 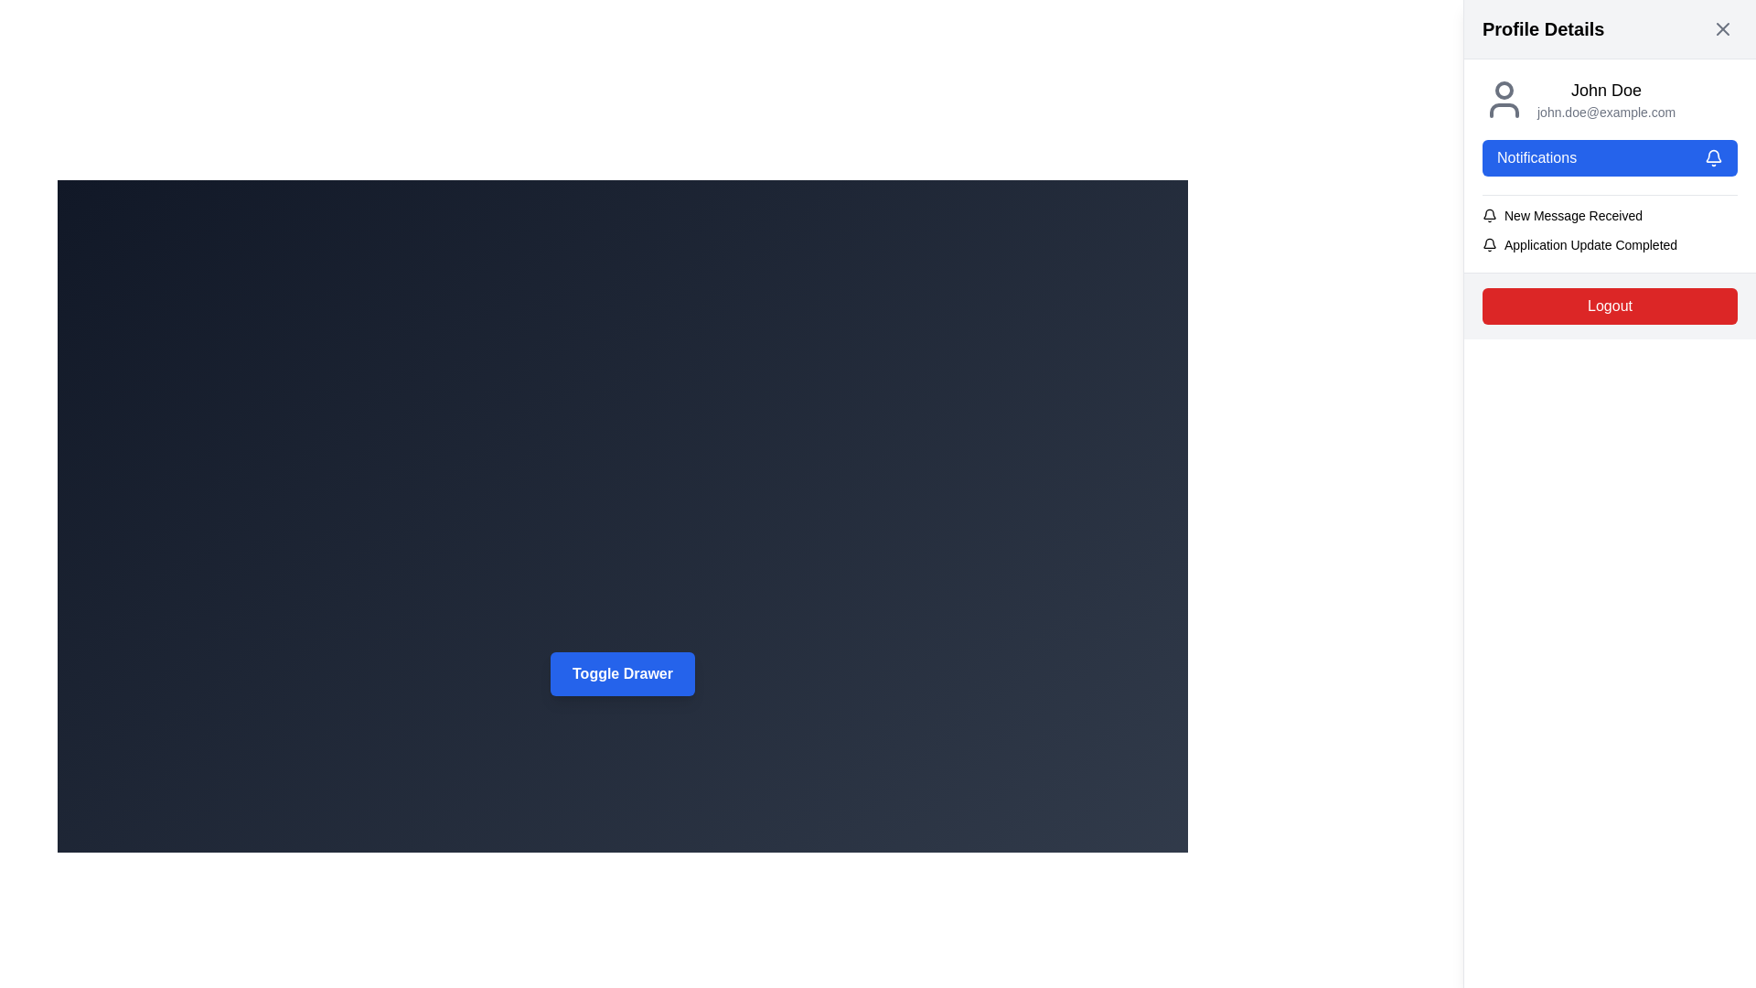 I want to click on the Text Display element showing 'John Doe' and 'john.doe@example.com', located above the blue 'Notifications' button, so click(x=1605, y=99).